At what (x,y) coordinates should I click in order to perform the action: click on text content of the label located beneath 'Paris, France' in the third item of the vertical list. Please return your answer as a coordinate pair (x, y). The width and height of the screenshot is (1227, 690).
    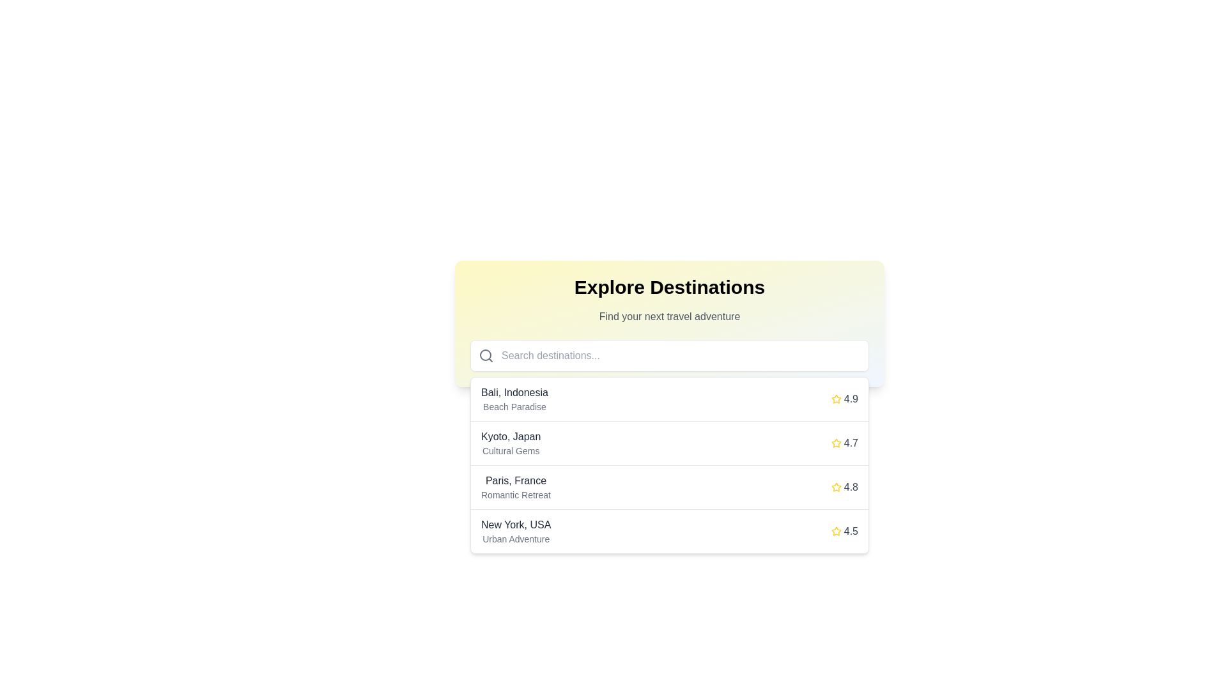
    Looking at the image, I should click on (516, 494).